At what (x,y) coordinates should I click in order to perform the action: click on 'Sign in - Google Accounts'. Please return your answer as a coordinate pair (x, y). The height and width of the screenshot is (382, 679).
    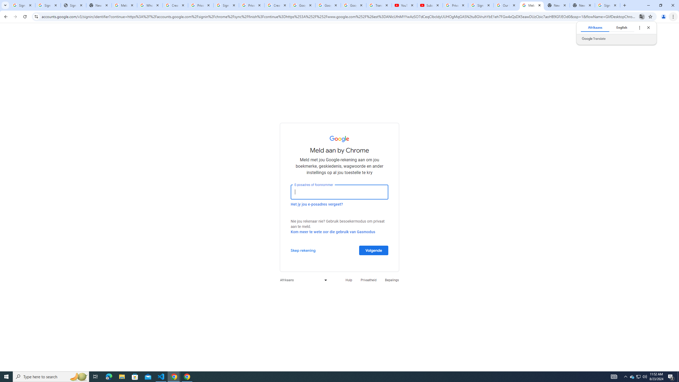
    Looking at the image, I should click on (607, 5).